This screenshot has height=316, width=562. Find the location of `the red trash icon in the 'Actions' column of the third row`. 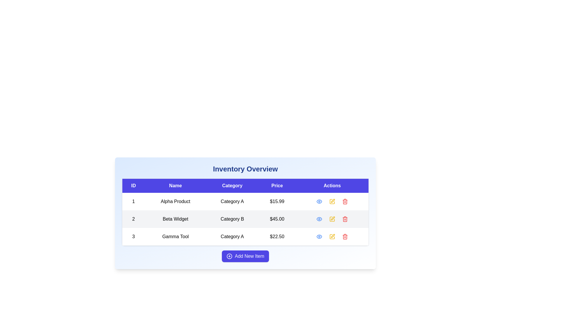

the red trash icon in the 'Actions' column of the third row is located at coordinates (345, 236).